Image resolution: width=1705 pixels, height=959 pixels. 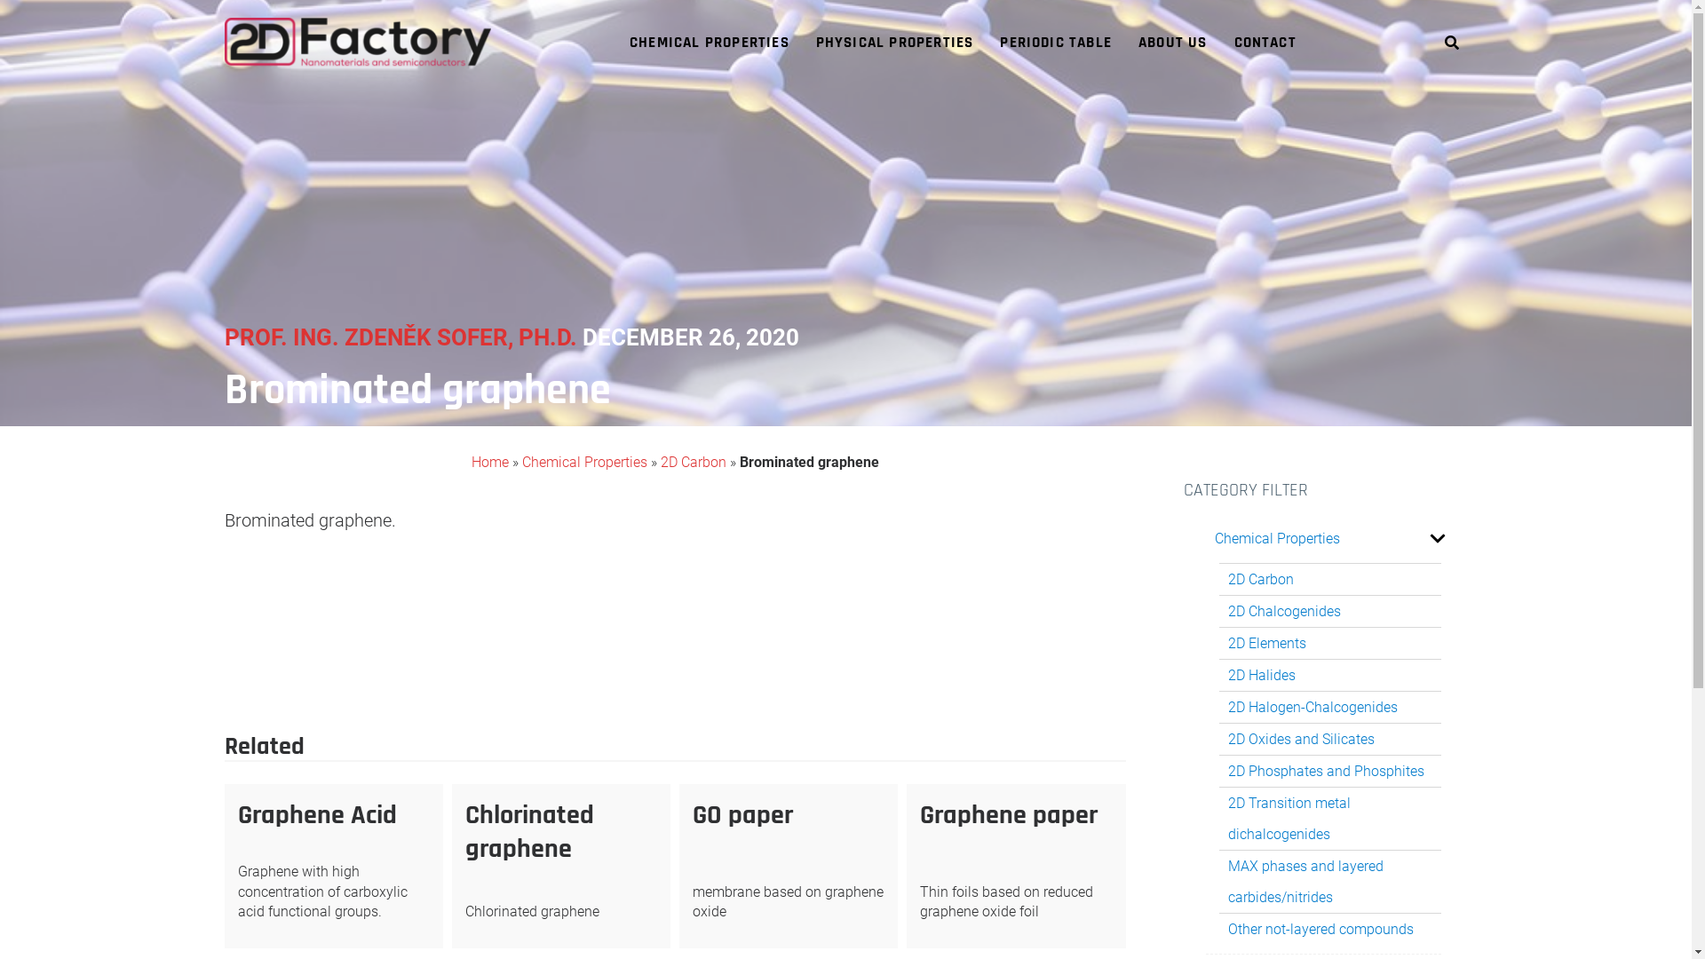 What do you see at coordinates (693, 461) in the screenshot?
I see `'2D Carbon'` at bounding box center [693, 461].